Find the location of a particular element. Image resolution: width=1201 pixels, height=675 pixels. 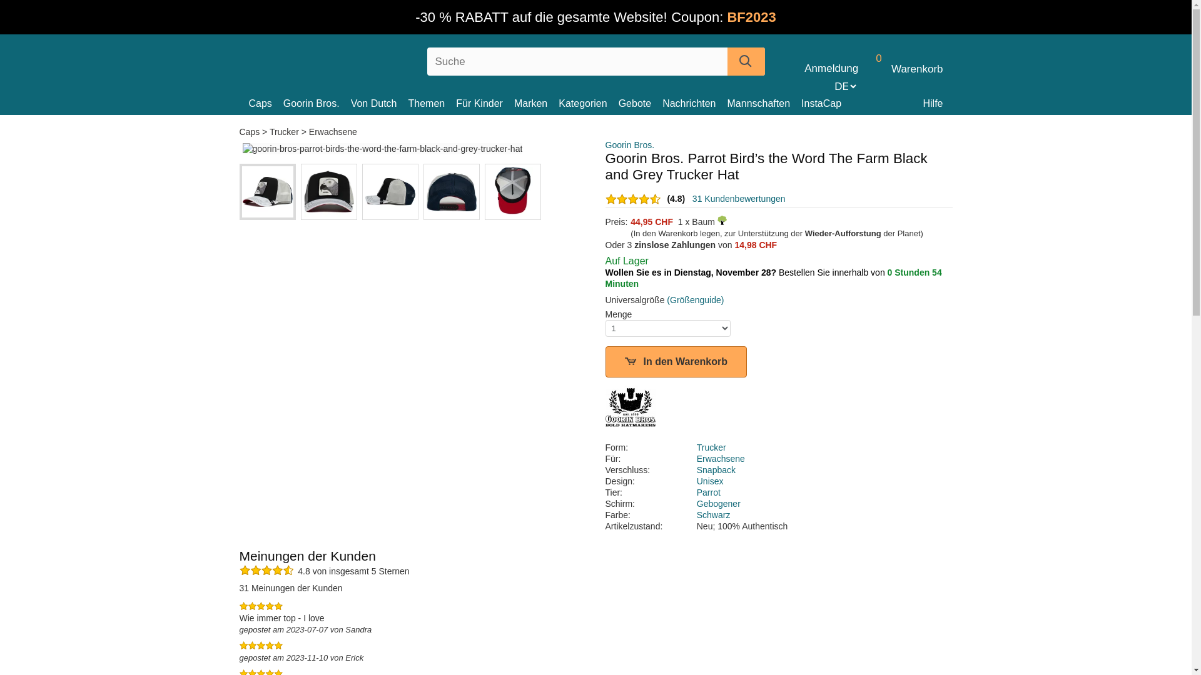

'Themen' is located at coordinates (408, 102).